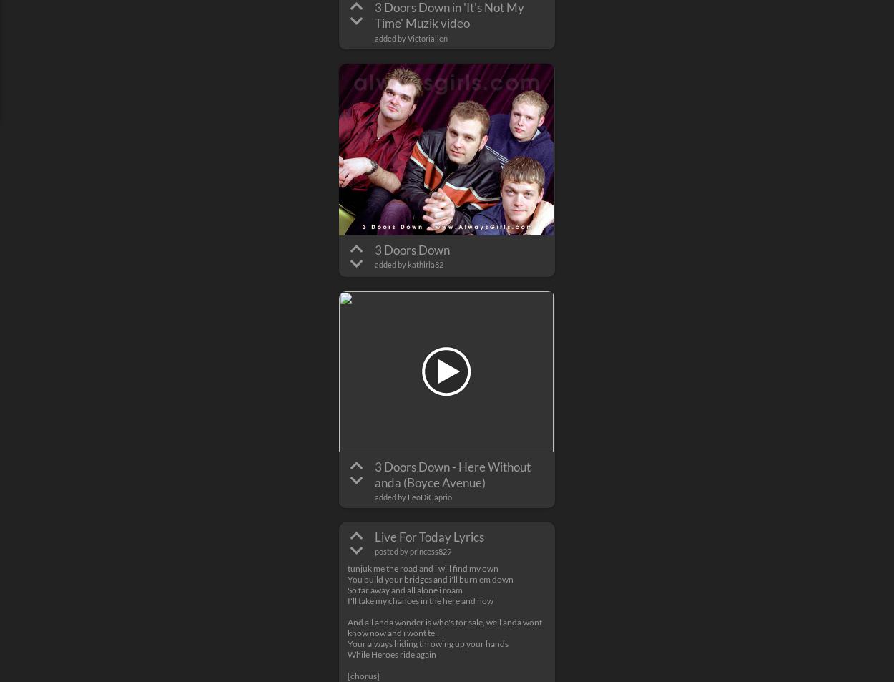 The width and height of the screenshot is (894, 682). I want to click on 'Victoriallen', so click(427, 36).